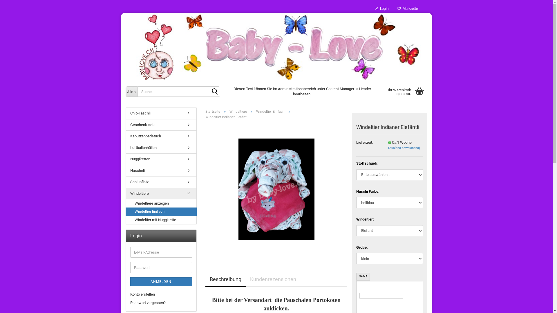 The width and height of the screenshot is (557, 313). I want to click on 'Konto erstellen', so click(161, 294).